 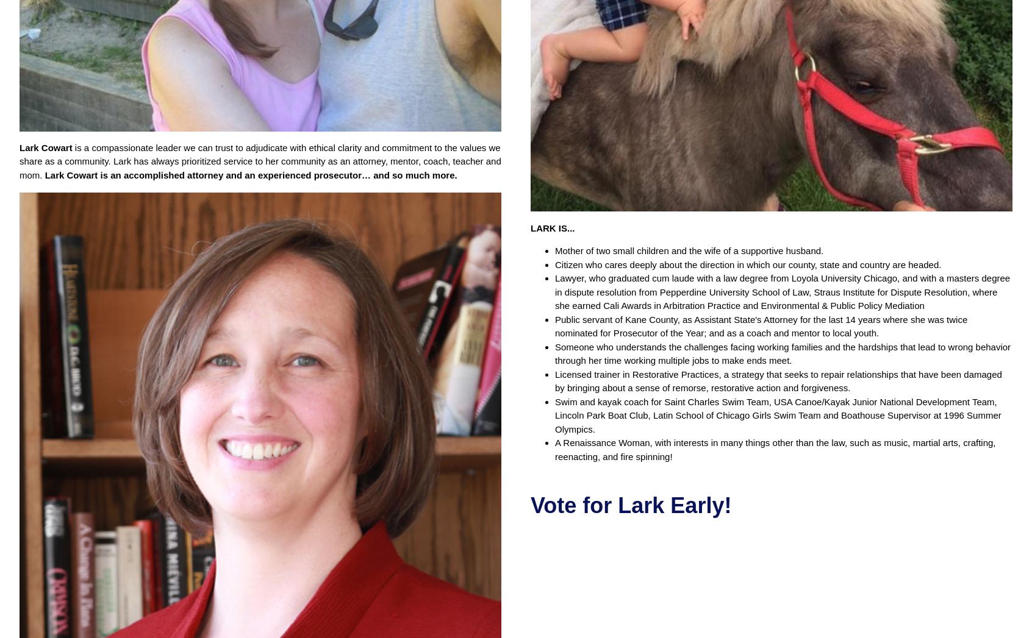 What do you see at coordinates (777, 380) in the screenshot?
I see `'Licensed trainer in Restorative Practices, a strategy that seeks to repair relationships that have been damaged by bringing about a sense of remorse, restorative action and forgiveness.'` at bounding box center [777, 380].